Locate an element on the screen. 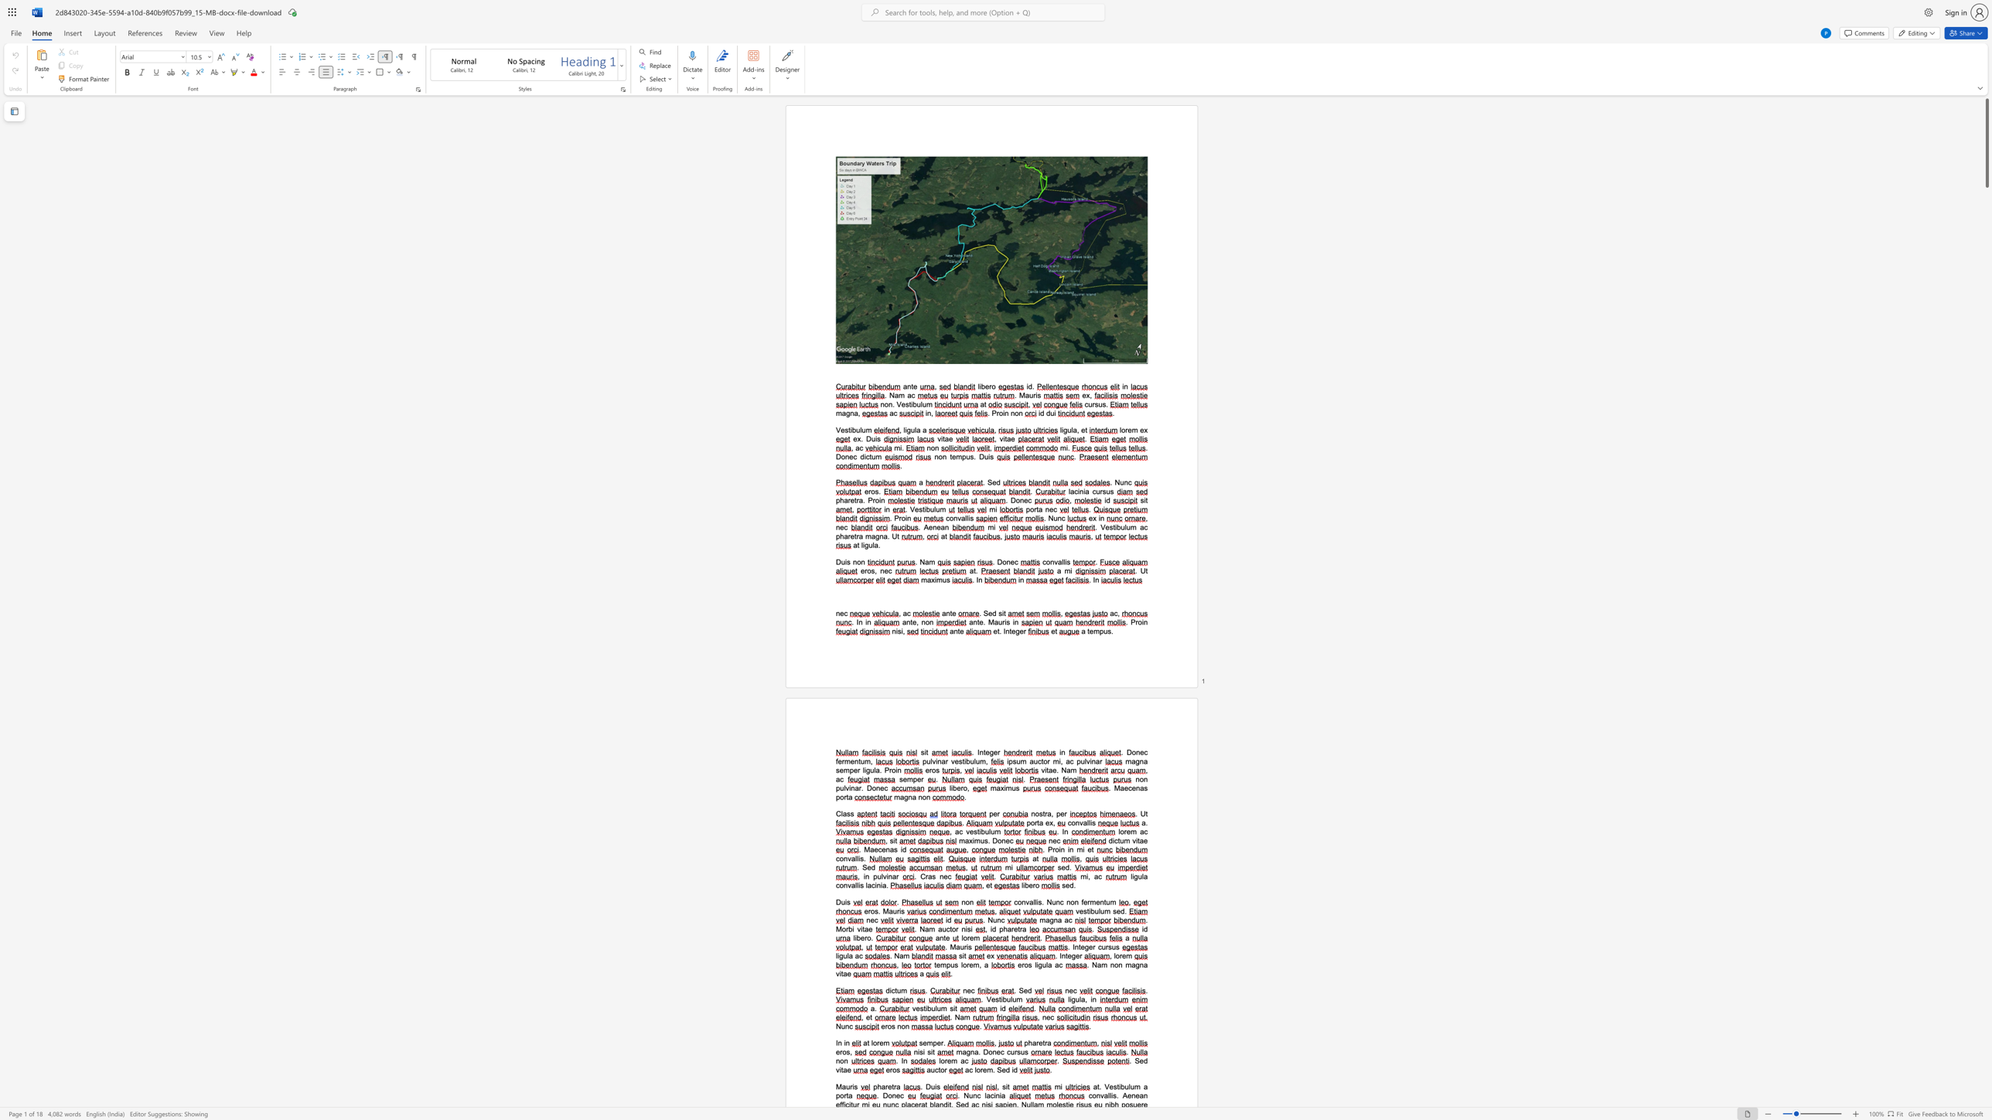  the space between the continuous character "n" and "o" in the text is located at coordinates (922, 797).